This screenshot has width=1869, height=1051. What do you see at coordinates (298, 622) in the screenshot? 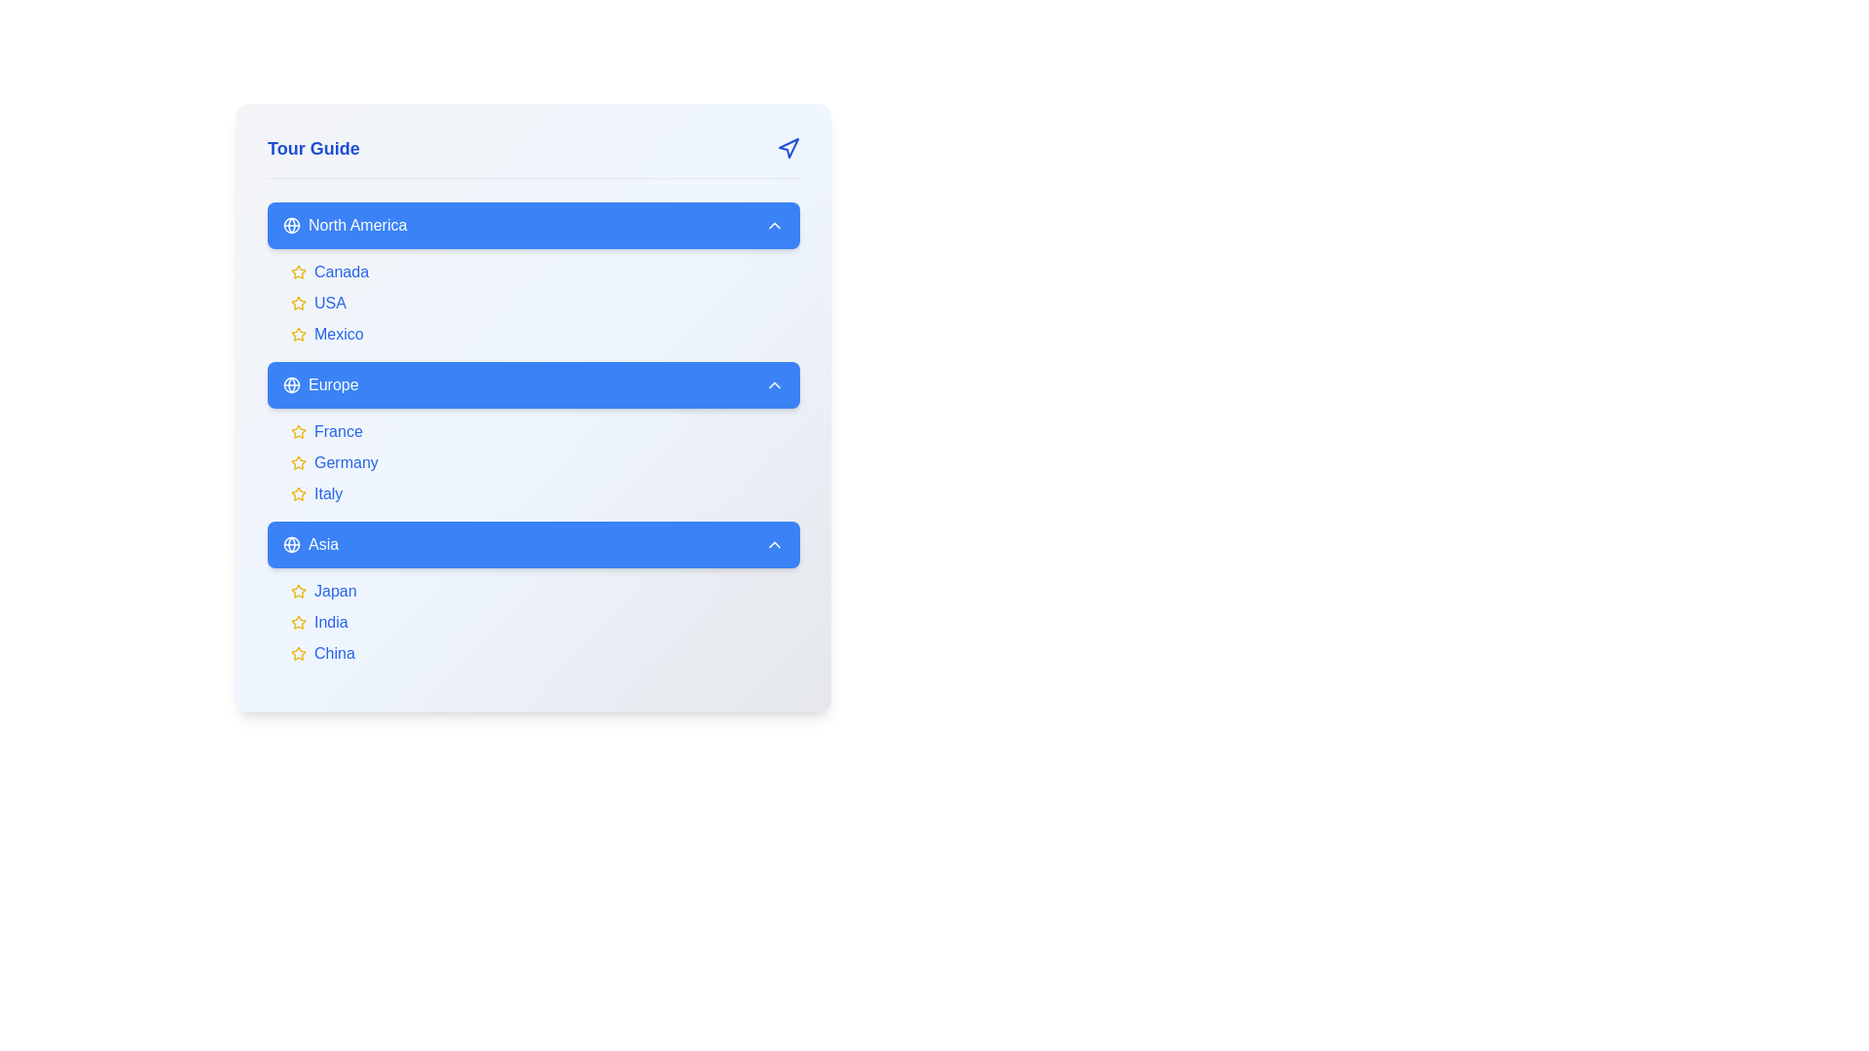
I see `the second icon in the 'Asia' category, which serves as a marker associated with the 'India' label` at bounding box center [298, 622].